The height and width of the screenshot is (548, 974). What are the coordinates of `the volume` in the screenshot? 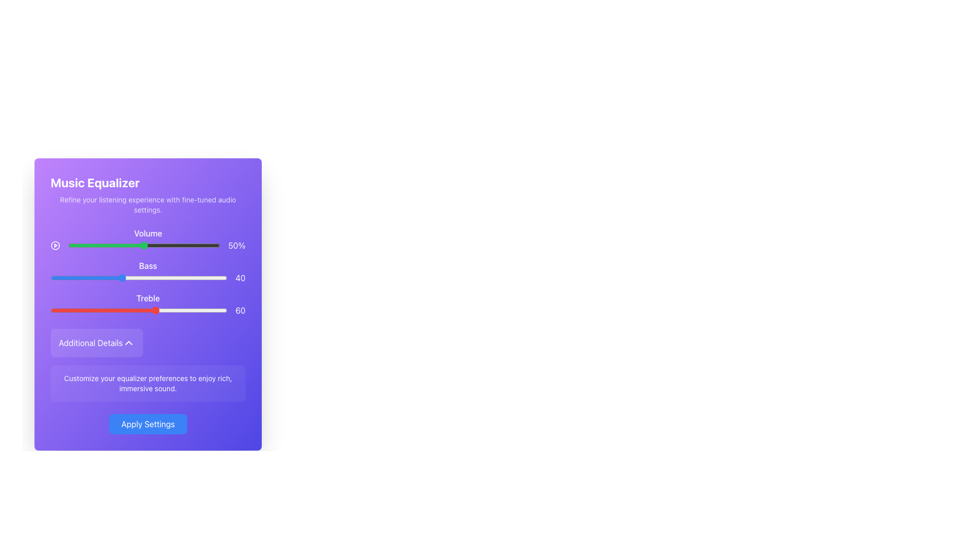 It's located at (164, 245).